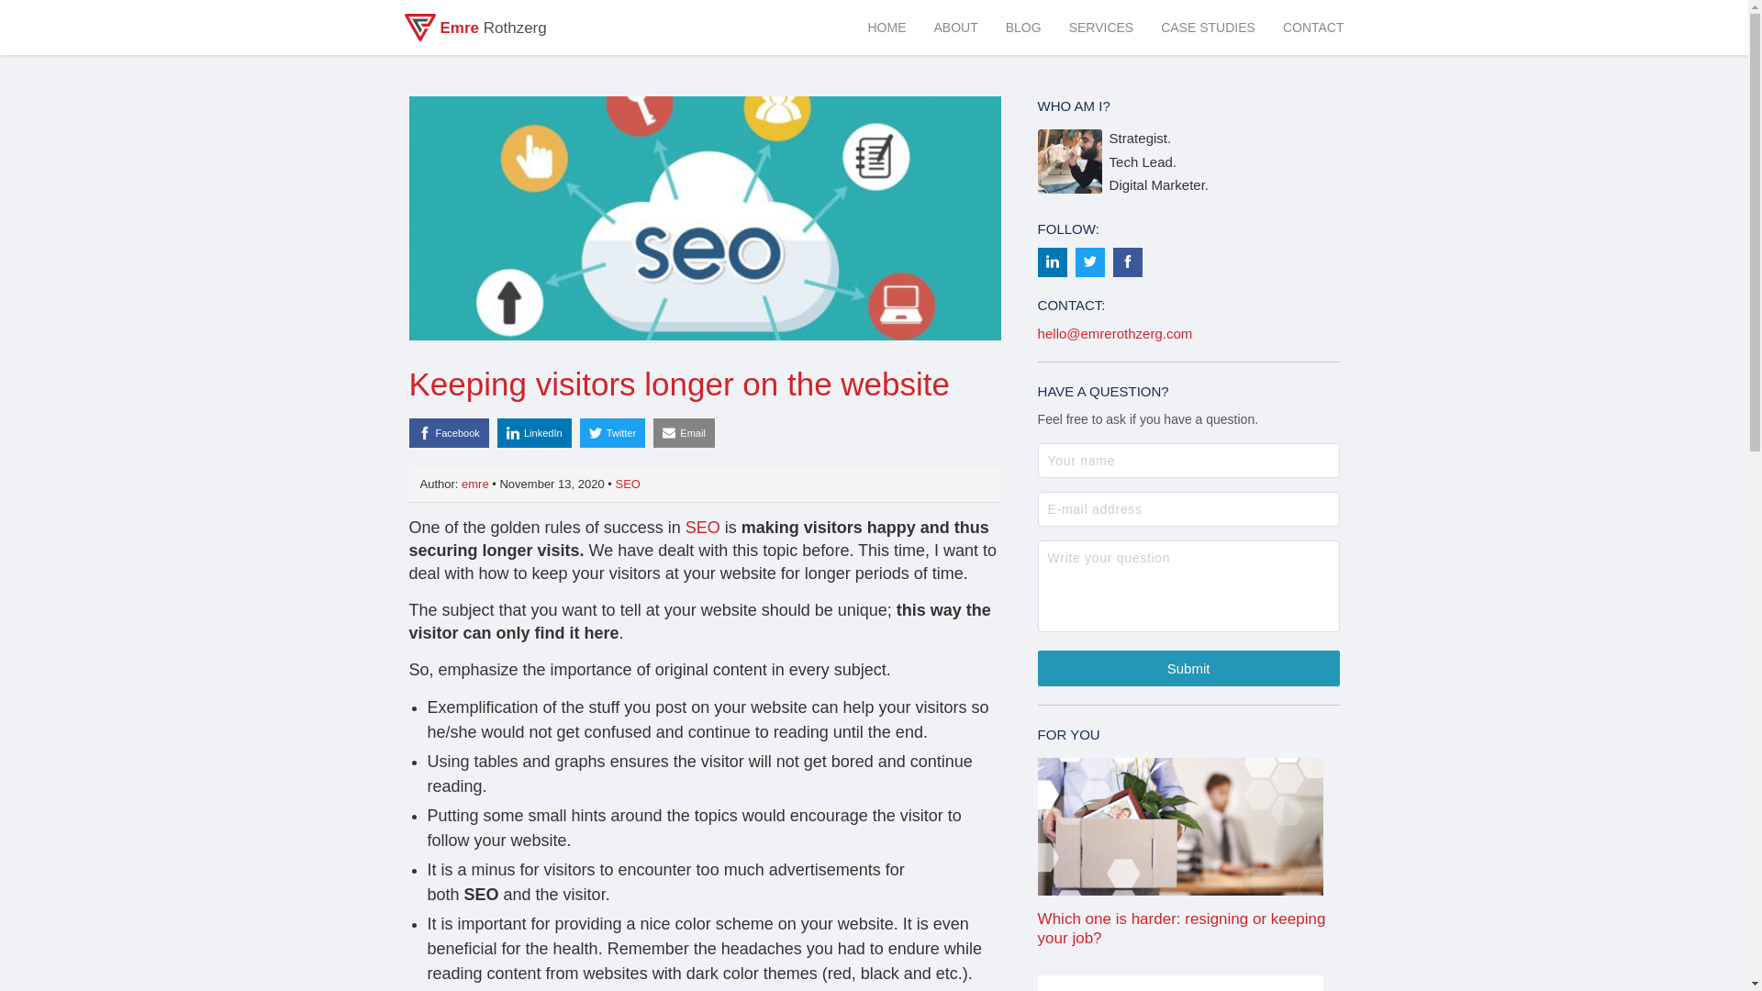 The width and height of the screenshot is (1762, 991). I want to click on 'hello@emrerothzerg.com', so click(1114, 333).